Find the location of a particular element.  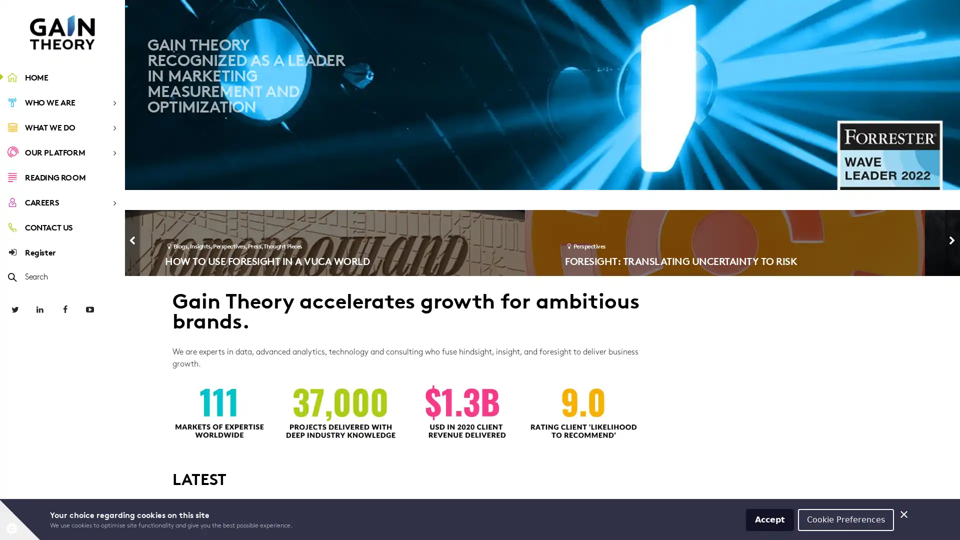

Close is located at coordinates (904, 513).